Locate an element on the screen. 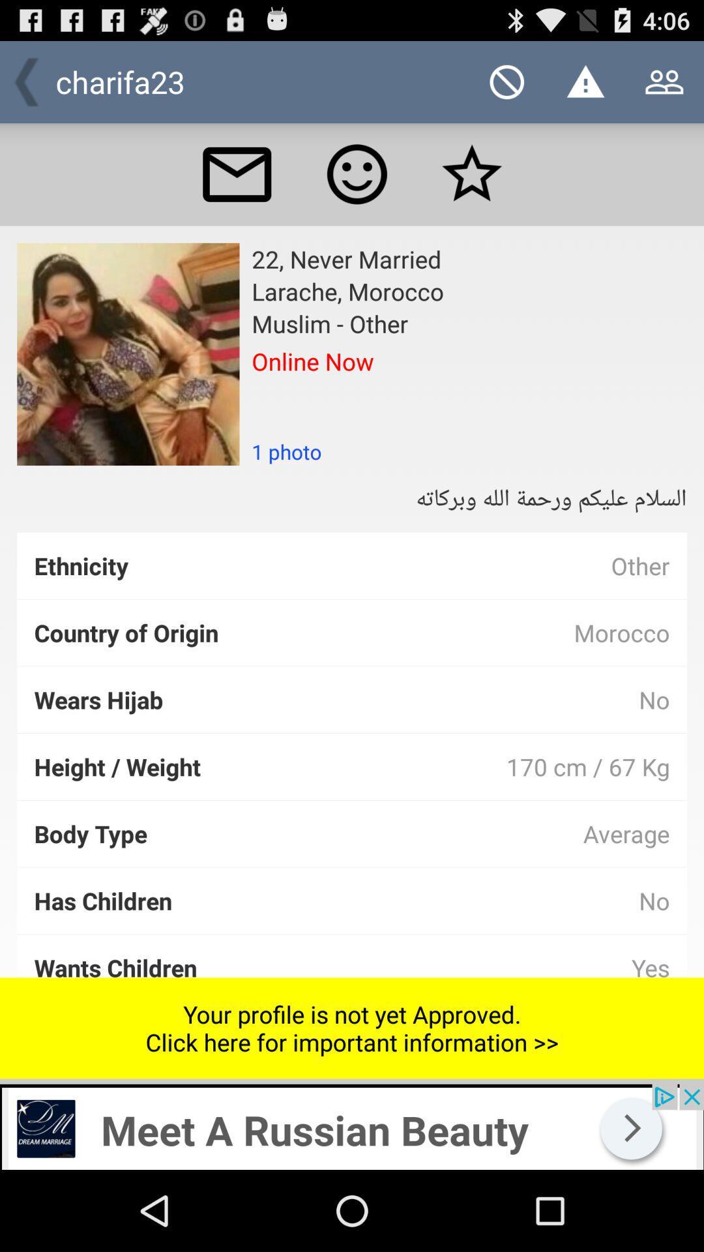 The height and width of the screenshot is (1252, 704). the star icon is located at coordinates (472, 186).